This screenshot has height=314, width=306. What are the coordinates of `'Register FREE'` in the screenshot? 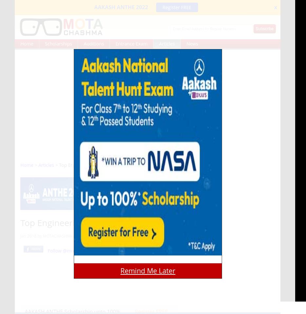 It's located at (176, 7).